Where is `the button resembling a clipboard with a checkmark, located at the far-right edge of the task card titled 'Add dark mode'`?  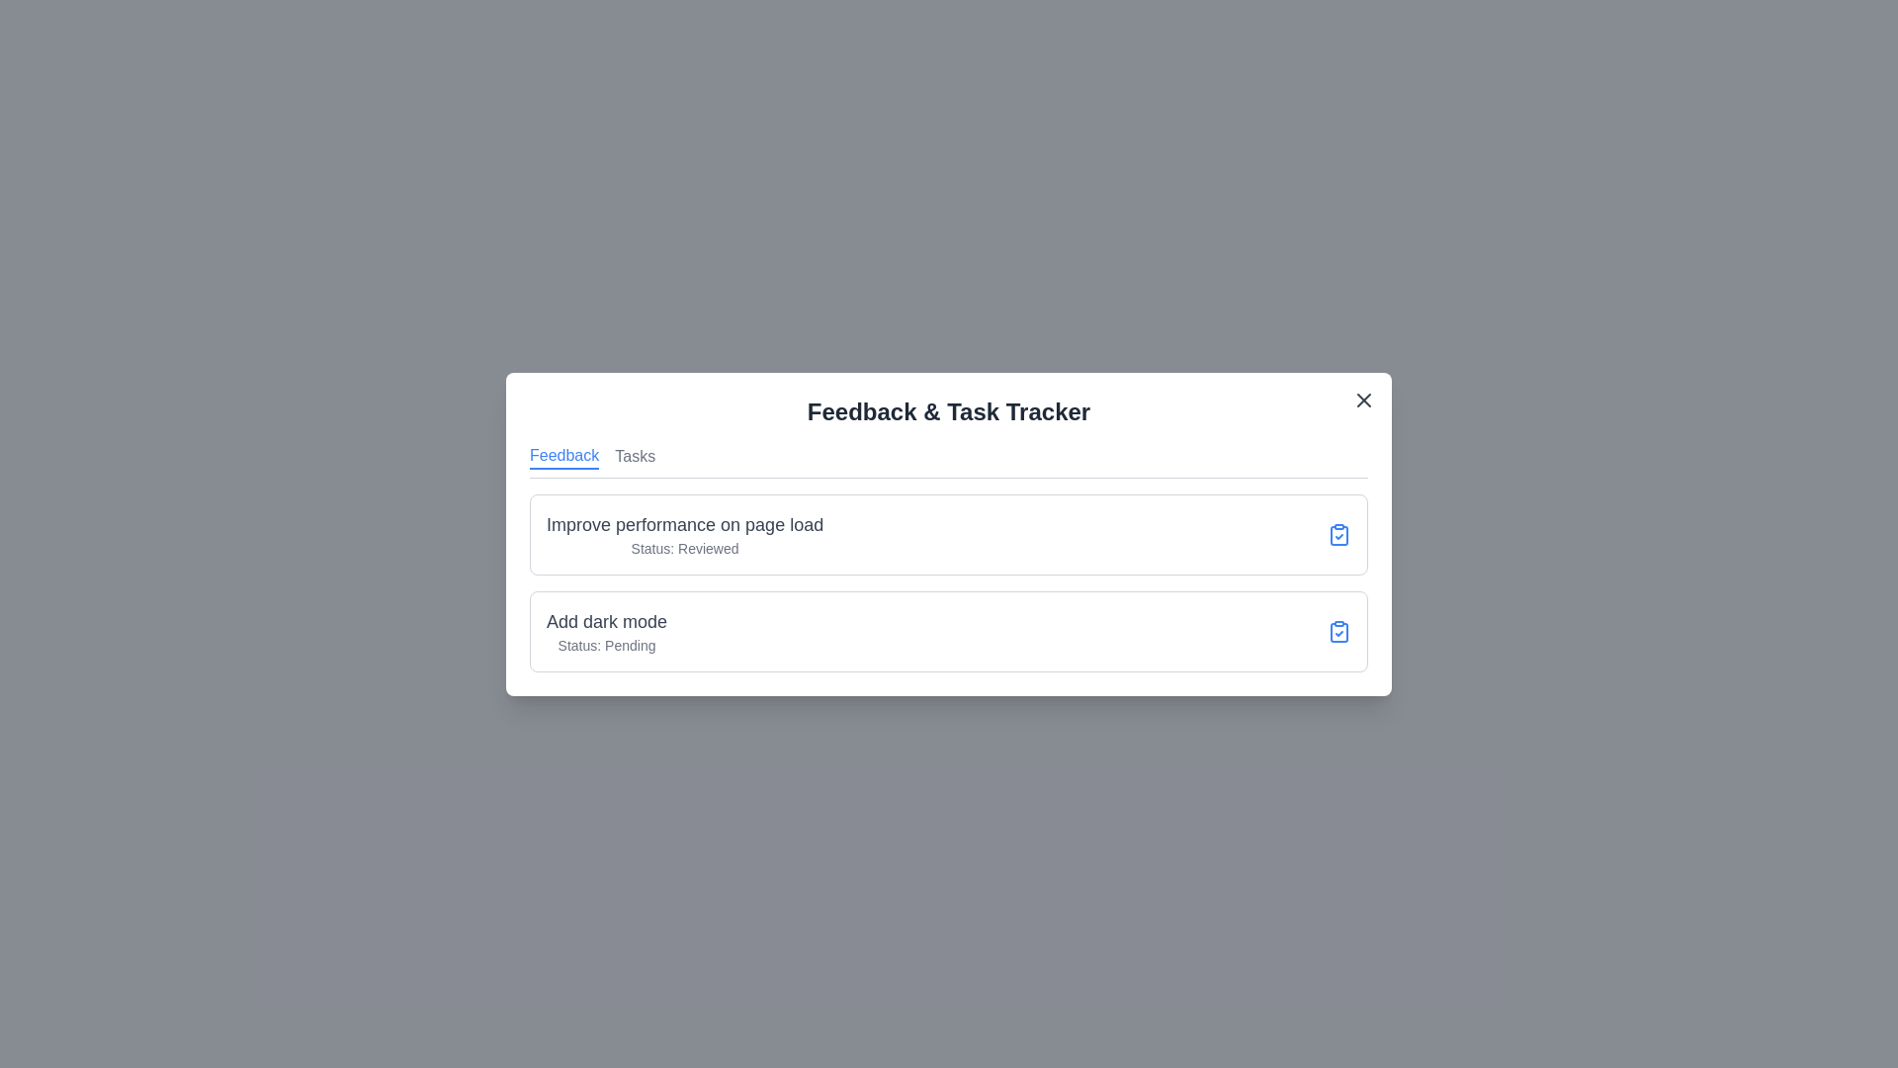 the button resembling a clipboard with a checkmark, located at the far-right edge of the task card titled 'Add dark mode' is located at coordinates (1338, 630).